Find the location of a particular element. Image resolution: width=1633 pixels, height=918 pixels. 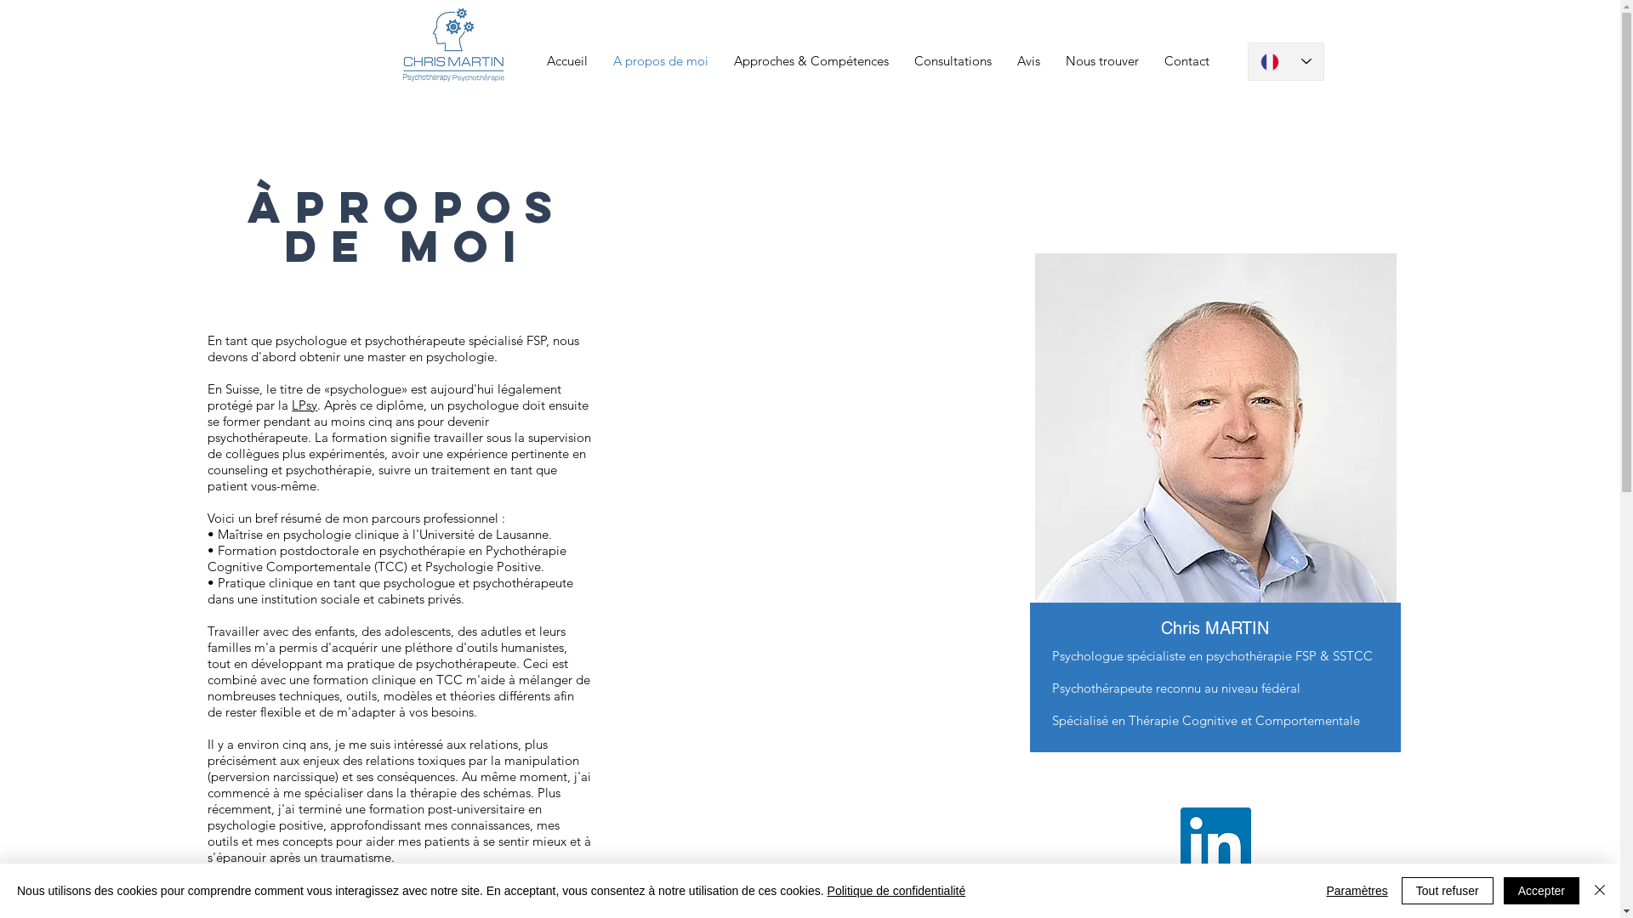

'Contact' is located at coordinates (1151, 60).